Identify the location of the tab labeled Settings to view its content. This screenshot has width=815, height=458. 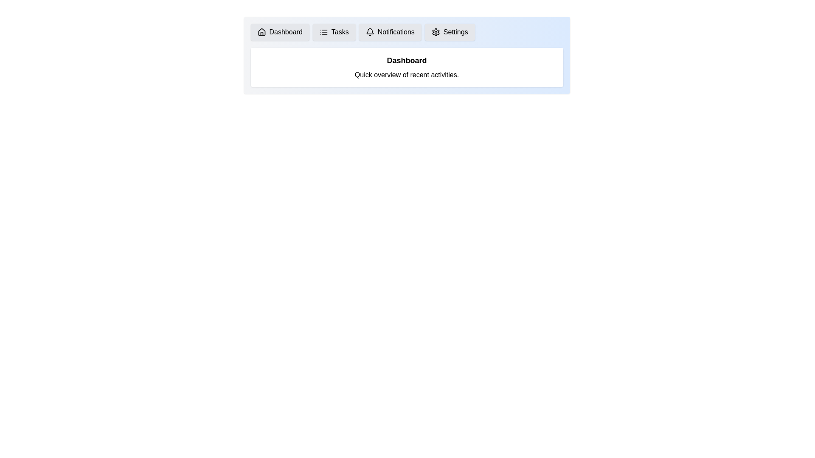
(449, 32).